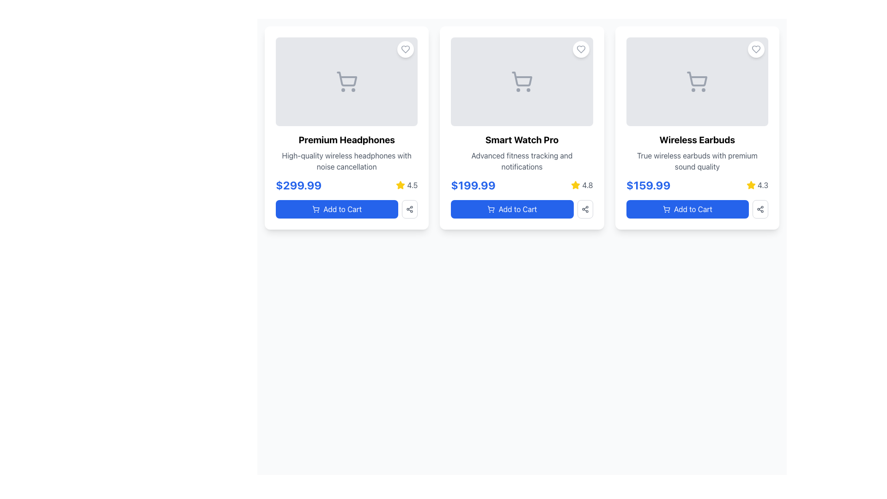 This screenshot has width=887, height=499. What do you see at coordinates (584, 209) in the screenshot?
I see `the network-like icon button, which is represented by three circles connected by lines, located at the bottom-right corner of the 'Wireless Earbuds' product card` at bounding box center [584, 209].